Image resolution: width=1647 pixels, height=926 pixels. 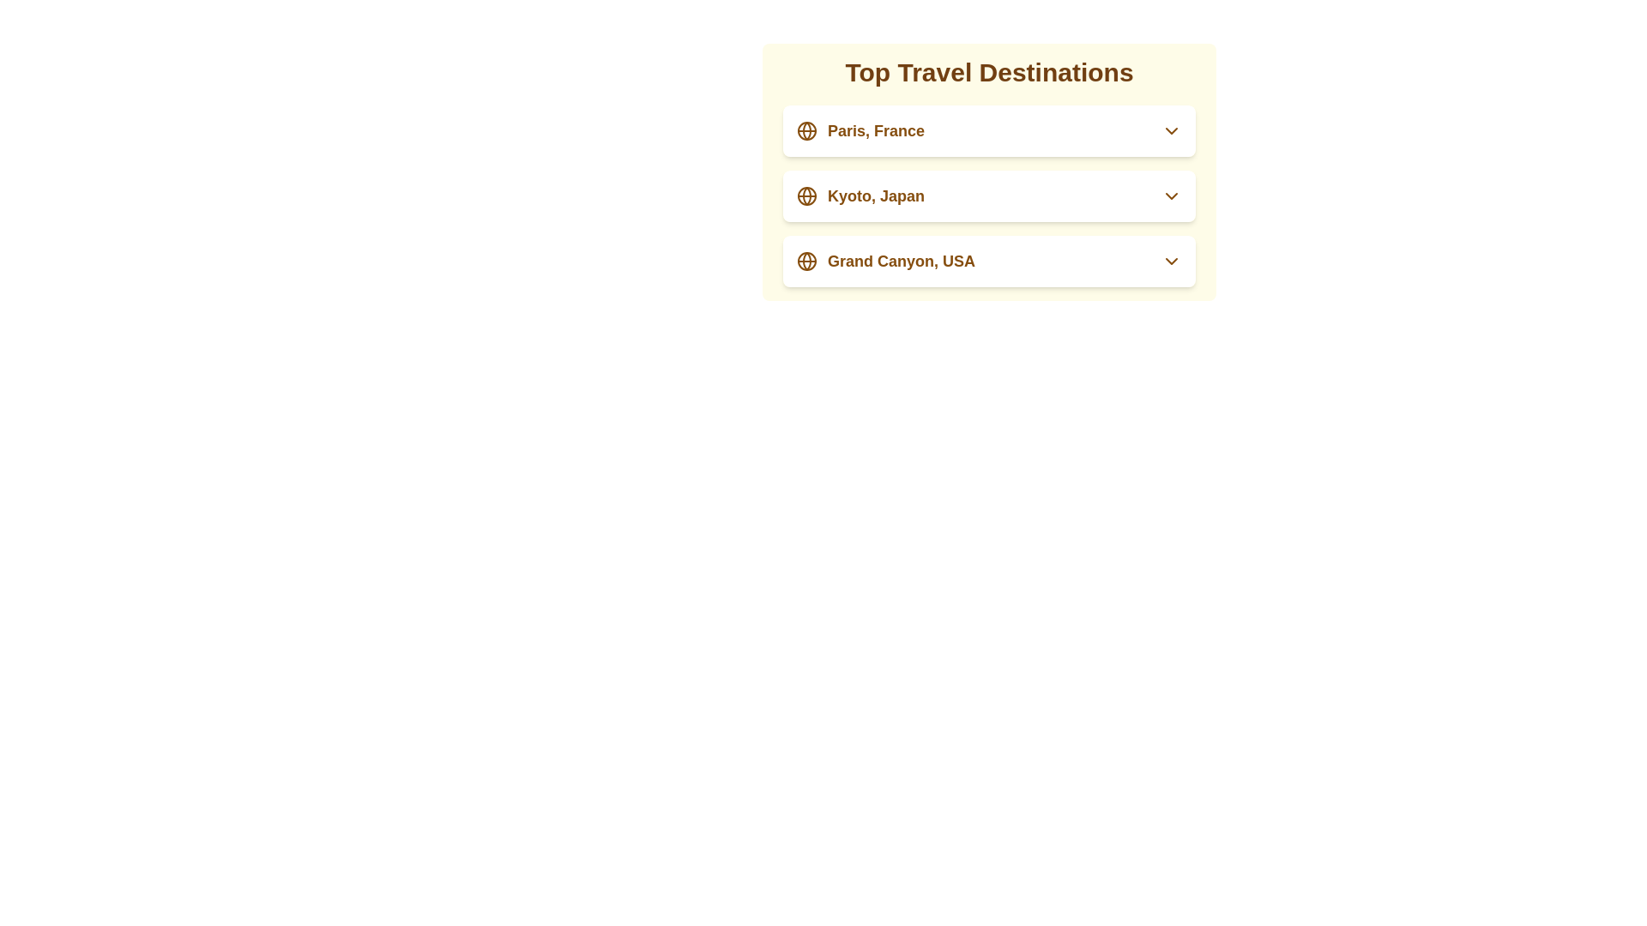 What do you see at coordinates (1171, 195) in the screenshot?
I see `the dropdown indicator icon next to 'Kyoto, Japan'` at bounding box center [1171, 195].